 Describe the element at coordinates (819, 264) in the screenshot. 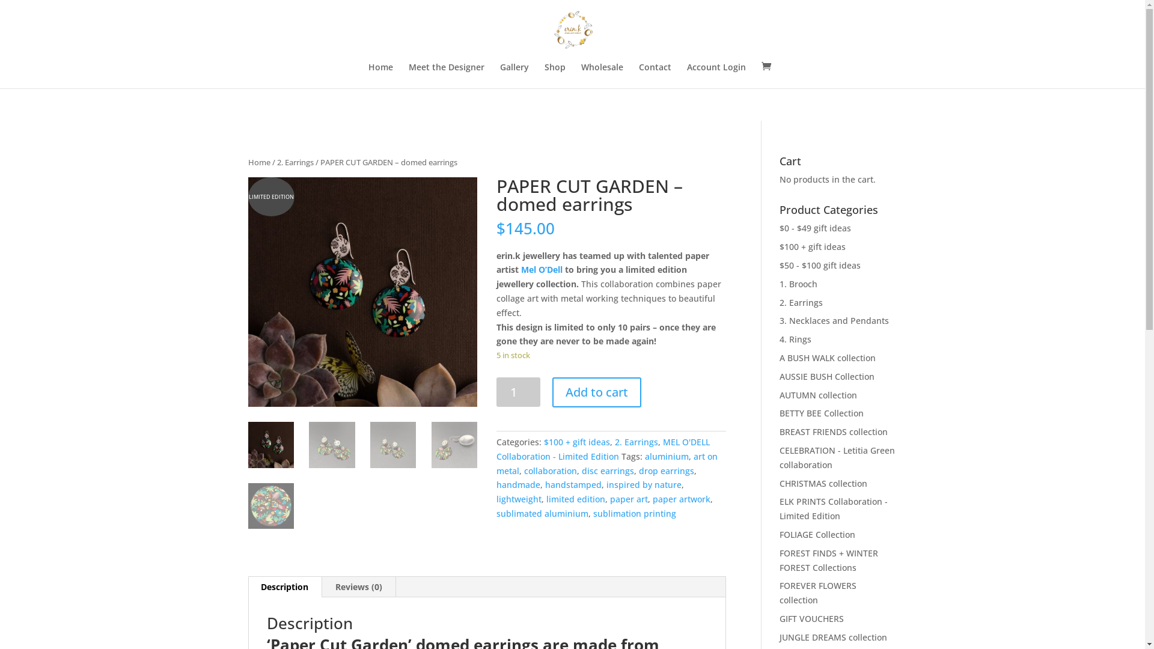

I see `'$50 - $100 gift ideas'` at that location.